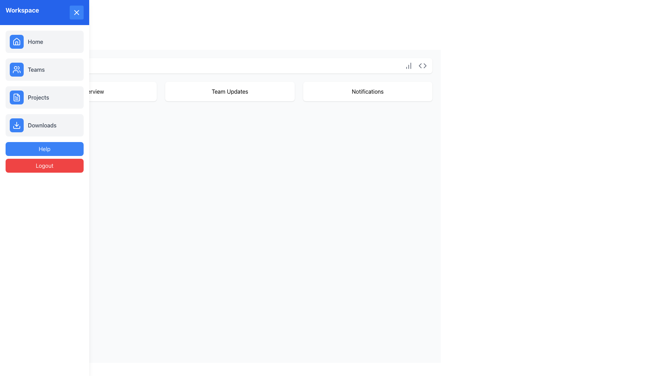  What do you see at coordinates (92, 91) in the screenshot?
I see `the first clickable card element in the top-left corner of the grid layout` at bounding box center [92, 91].